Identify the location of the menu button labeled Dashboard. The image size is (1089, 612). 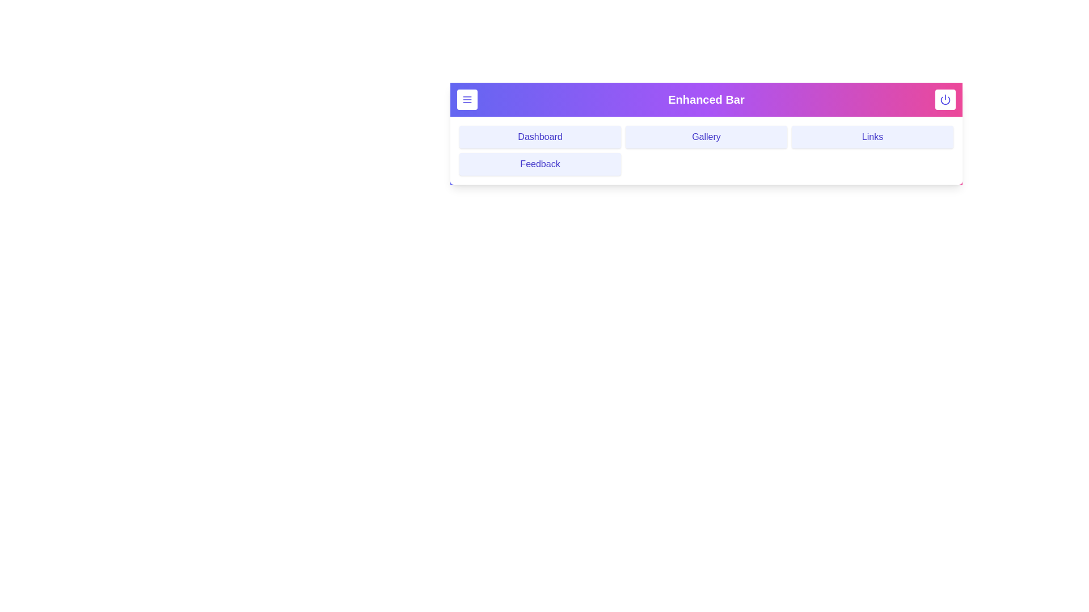
(539, 137).